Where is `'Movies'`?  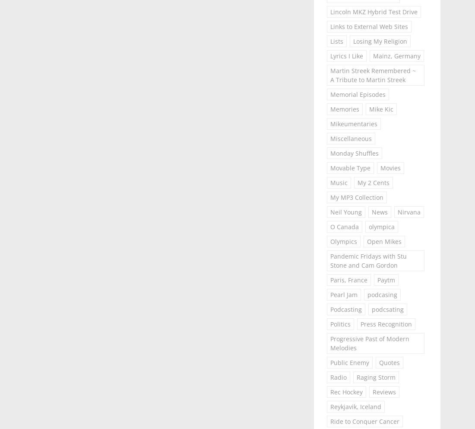
'Movies' is located at coordinates (390, 168).